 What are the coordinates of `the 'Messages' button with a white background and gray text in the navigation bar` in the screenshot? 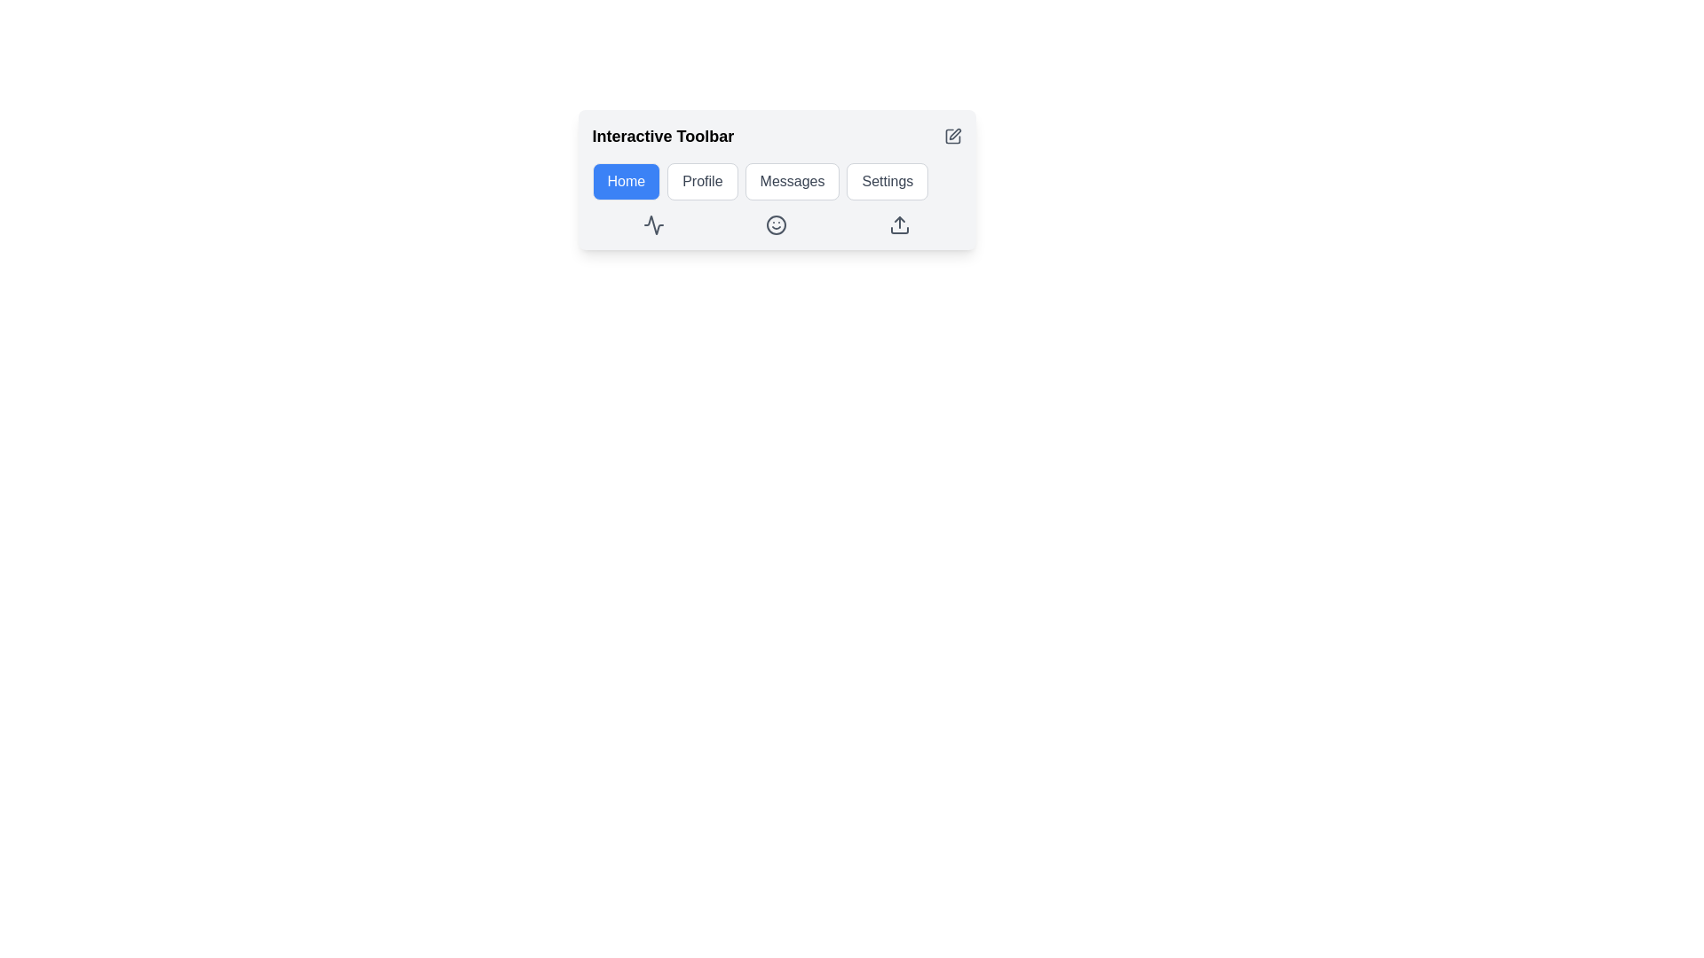 It's located at (791, 181).